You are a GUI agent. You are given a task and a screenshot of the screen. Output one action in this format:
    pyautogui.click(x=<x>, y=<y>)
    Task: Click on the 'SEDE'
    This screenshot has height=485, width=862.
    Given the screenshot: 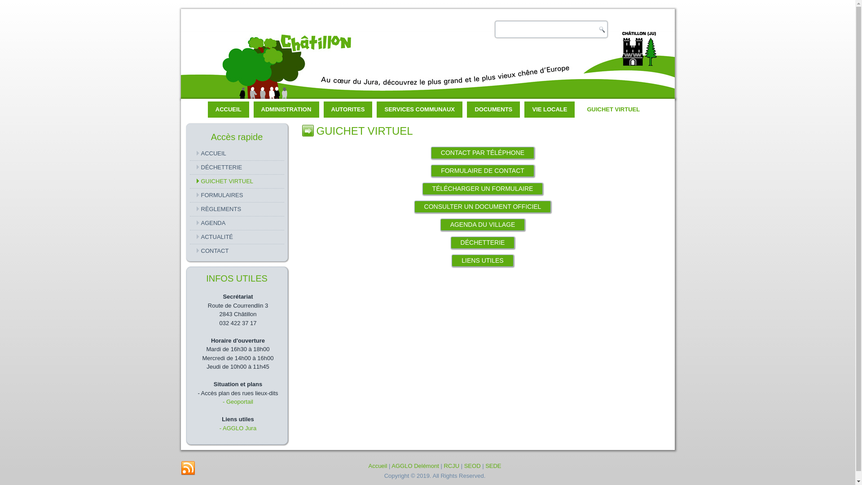 What is the action you would take?
    pyautogui.click(x=493, y=465)
    